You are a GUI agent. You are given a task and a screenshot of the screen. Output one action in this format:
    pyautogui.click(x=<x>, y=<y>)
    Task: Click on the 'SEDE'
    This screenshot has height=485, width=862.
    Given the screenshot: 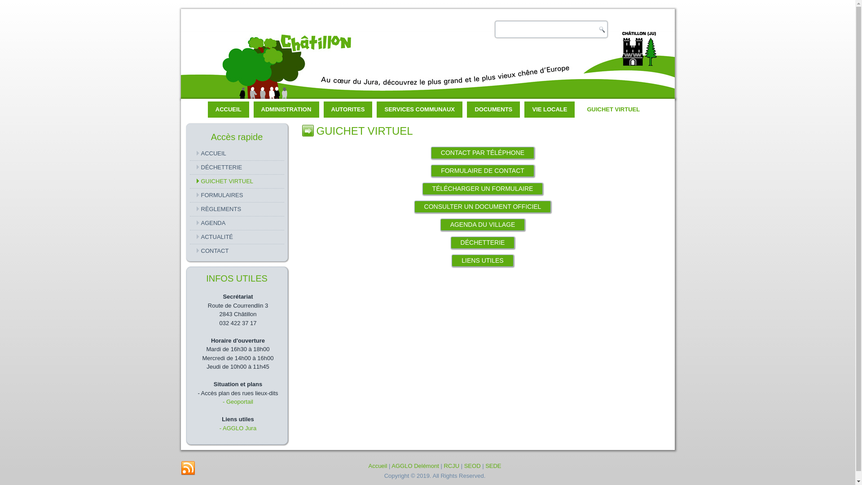 What is the action you would take?
    pyautogui.click(x=493, y=465)
    